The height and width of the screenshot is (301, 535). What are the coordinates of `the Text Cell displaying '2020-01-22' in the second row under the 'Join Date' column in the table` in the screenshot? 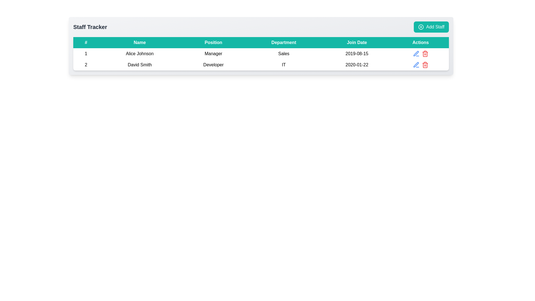 It's located at (357, 64).